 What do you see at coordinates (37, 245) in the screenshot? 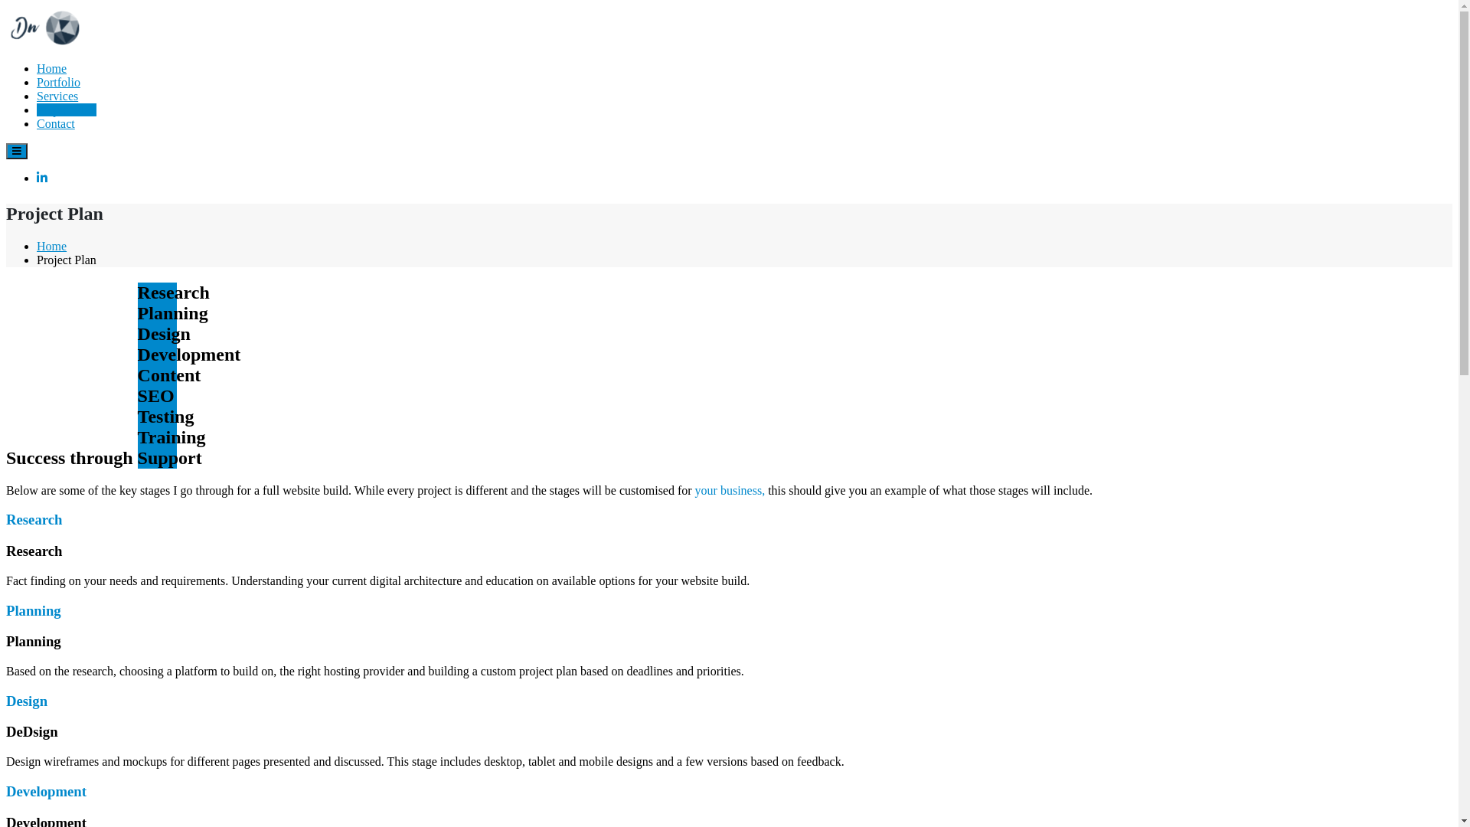
I see `'Home'` at bounding box center [37, 245].